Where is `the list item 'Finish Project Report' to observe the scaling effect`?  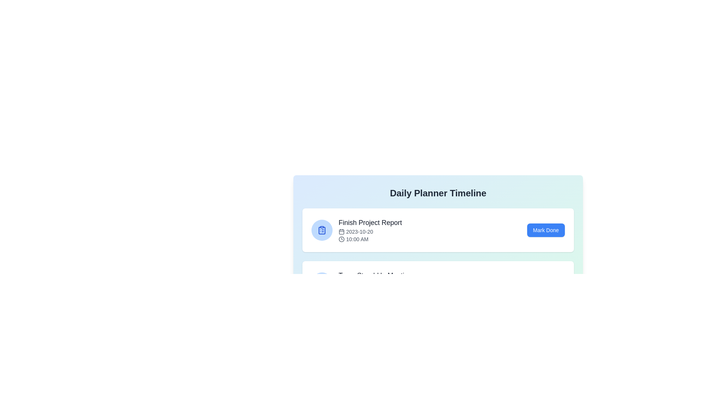
the list item 'Finish Project Report' to observe the scaling effect is located at coordinates (438, 230).